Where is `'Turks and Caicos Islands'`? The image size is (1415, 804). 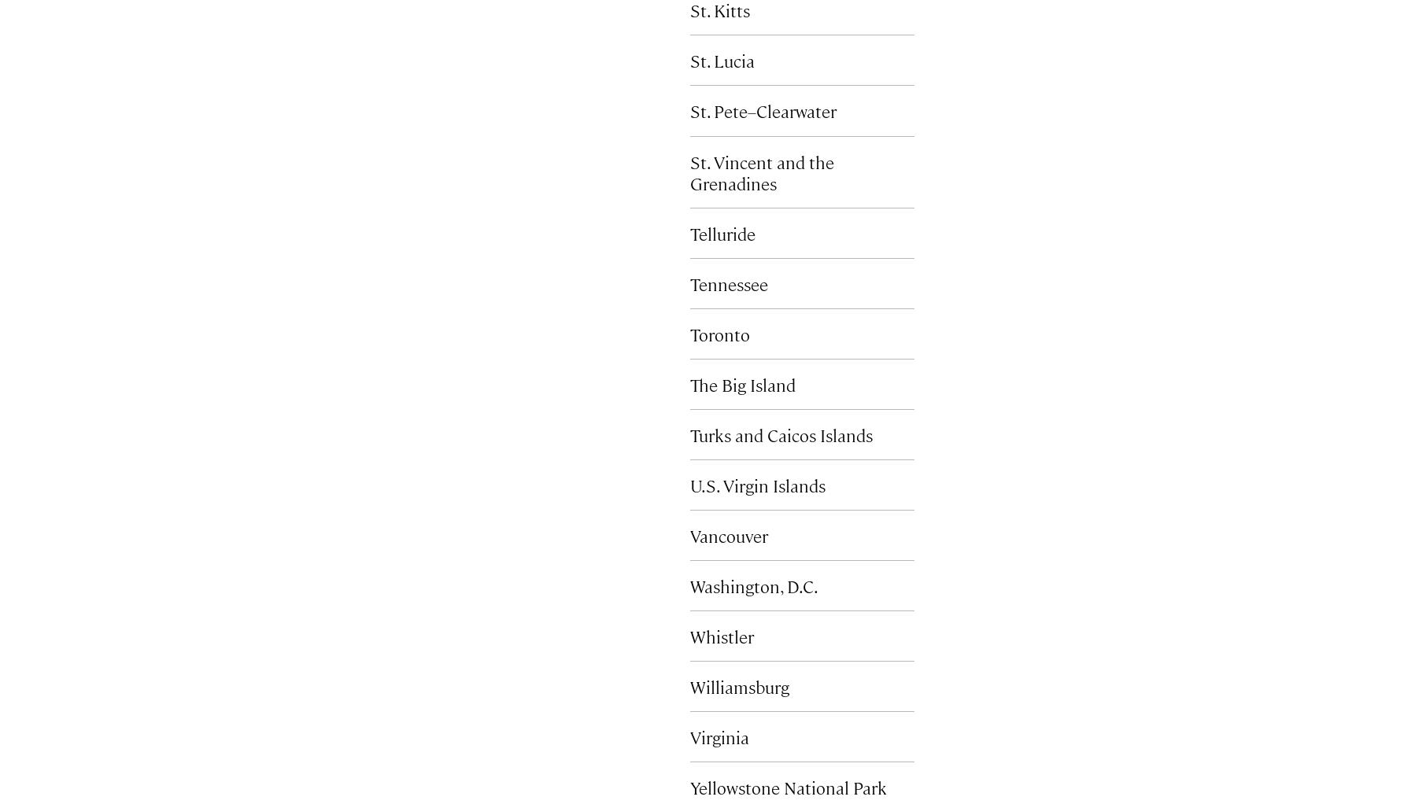 'Turks and Caicos Islands' is located at coordinates (781, 433).